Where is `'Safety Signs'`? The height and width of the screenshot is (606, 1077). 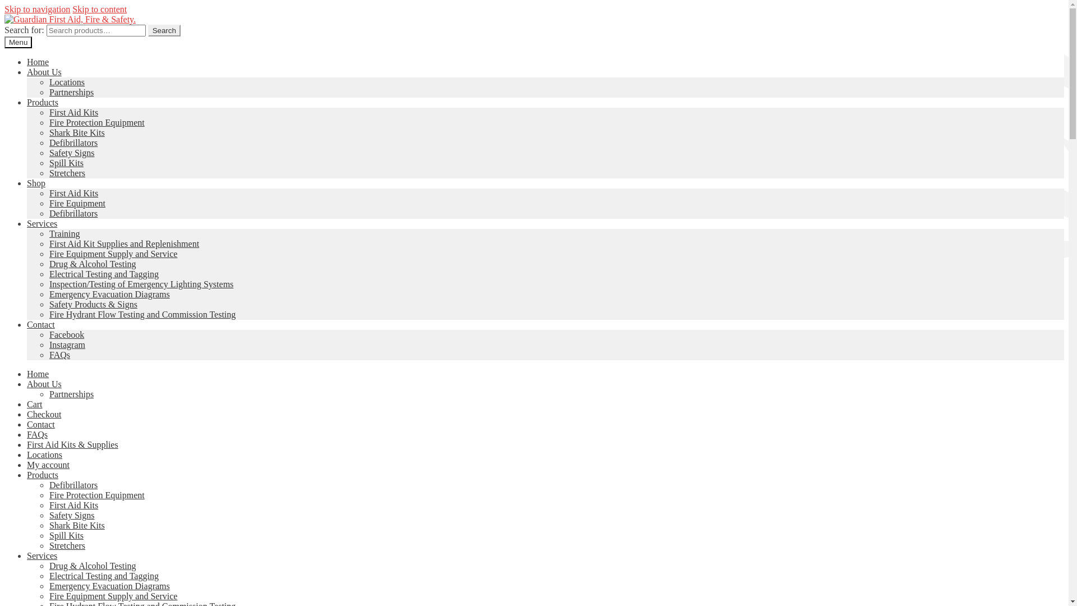 'Safety Signs' is located at coordinates (71, 515).